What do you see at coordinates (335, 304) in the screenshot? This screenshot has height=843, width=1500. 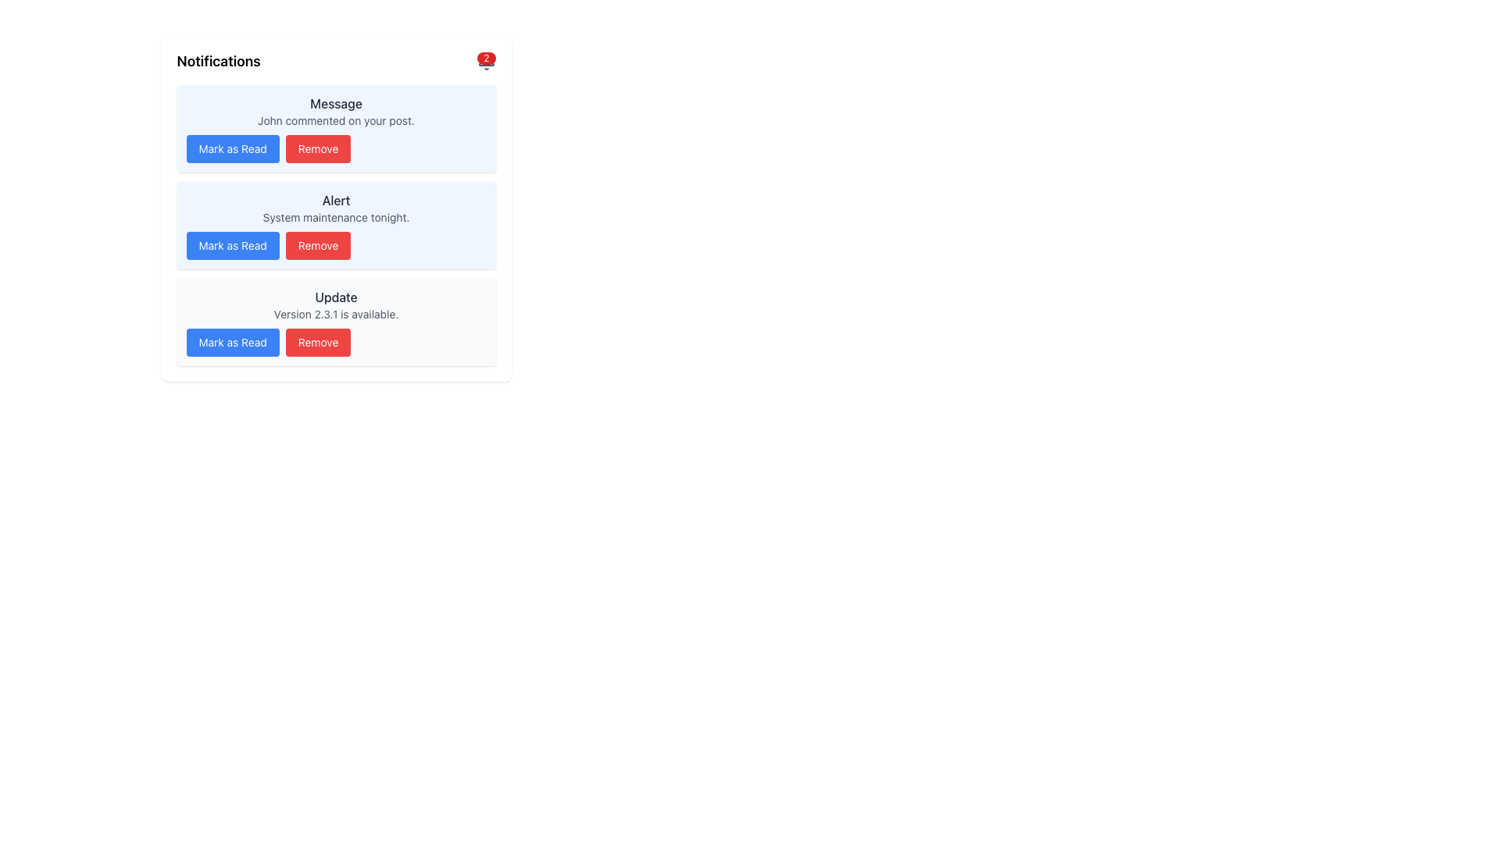 I see `the text element displaying 'Update' in the third notification box of the notification panel` at bounding box center [335, 304].